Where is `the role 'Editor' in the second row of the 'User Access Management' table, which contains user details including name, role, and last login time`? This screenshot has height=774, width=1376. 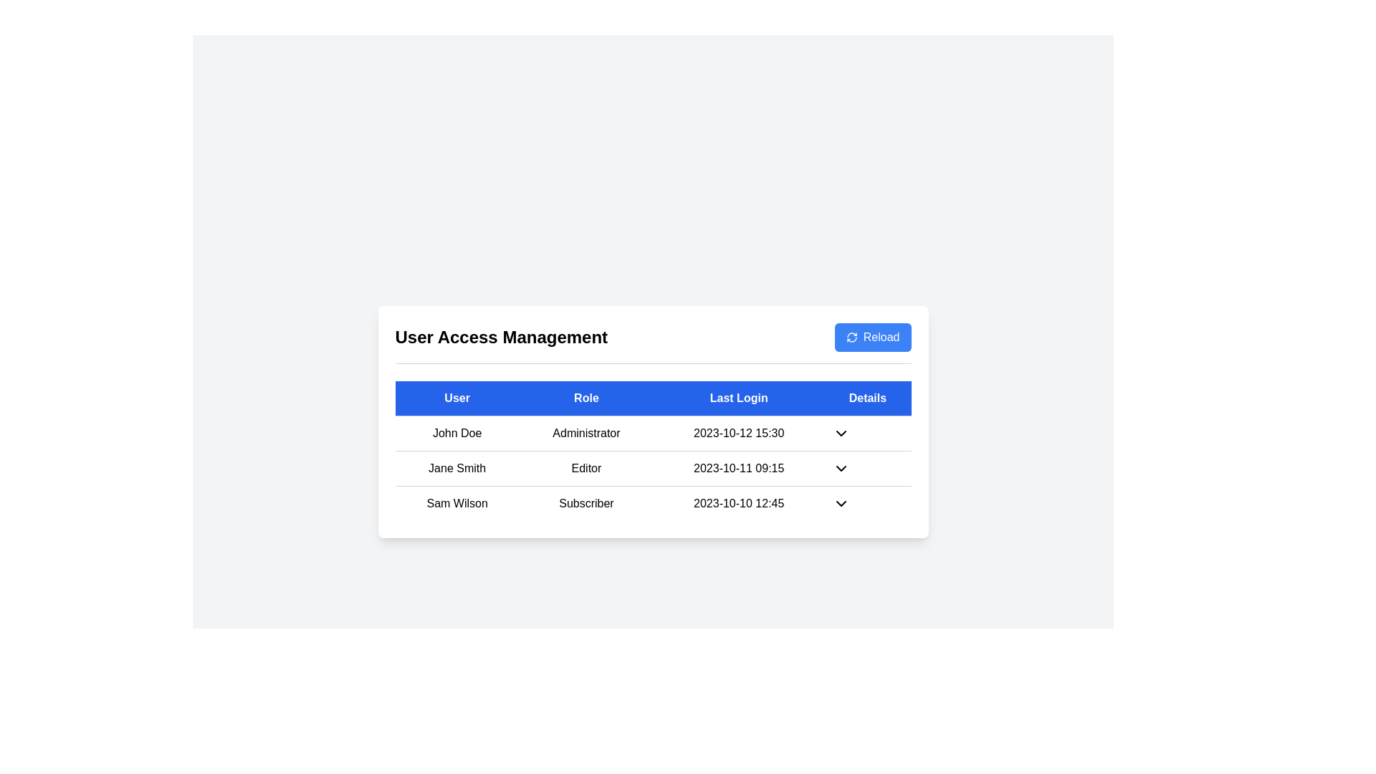
the role 'Editor' in the second row of the 'User Access Management' table, which contains user details including name, role, and last login time is located at coordinates (652, 468).